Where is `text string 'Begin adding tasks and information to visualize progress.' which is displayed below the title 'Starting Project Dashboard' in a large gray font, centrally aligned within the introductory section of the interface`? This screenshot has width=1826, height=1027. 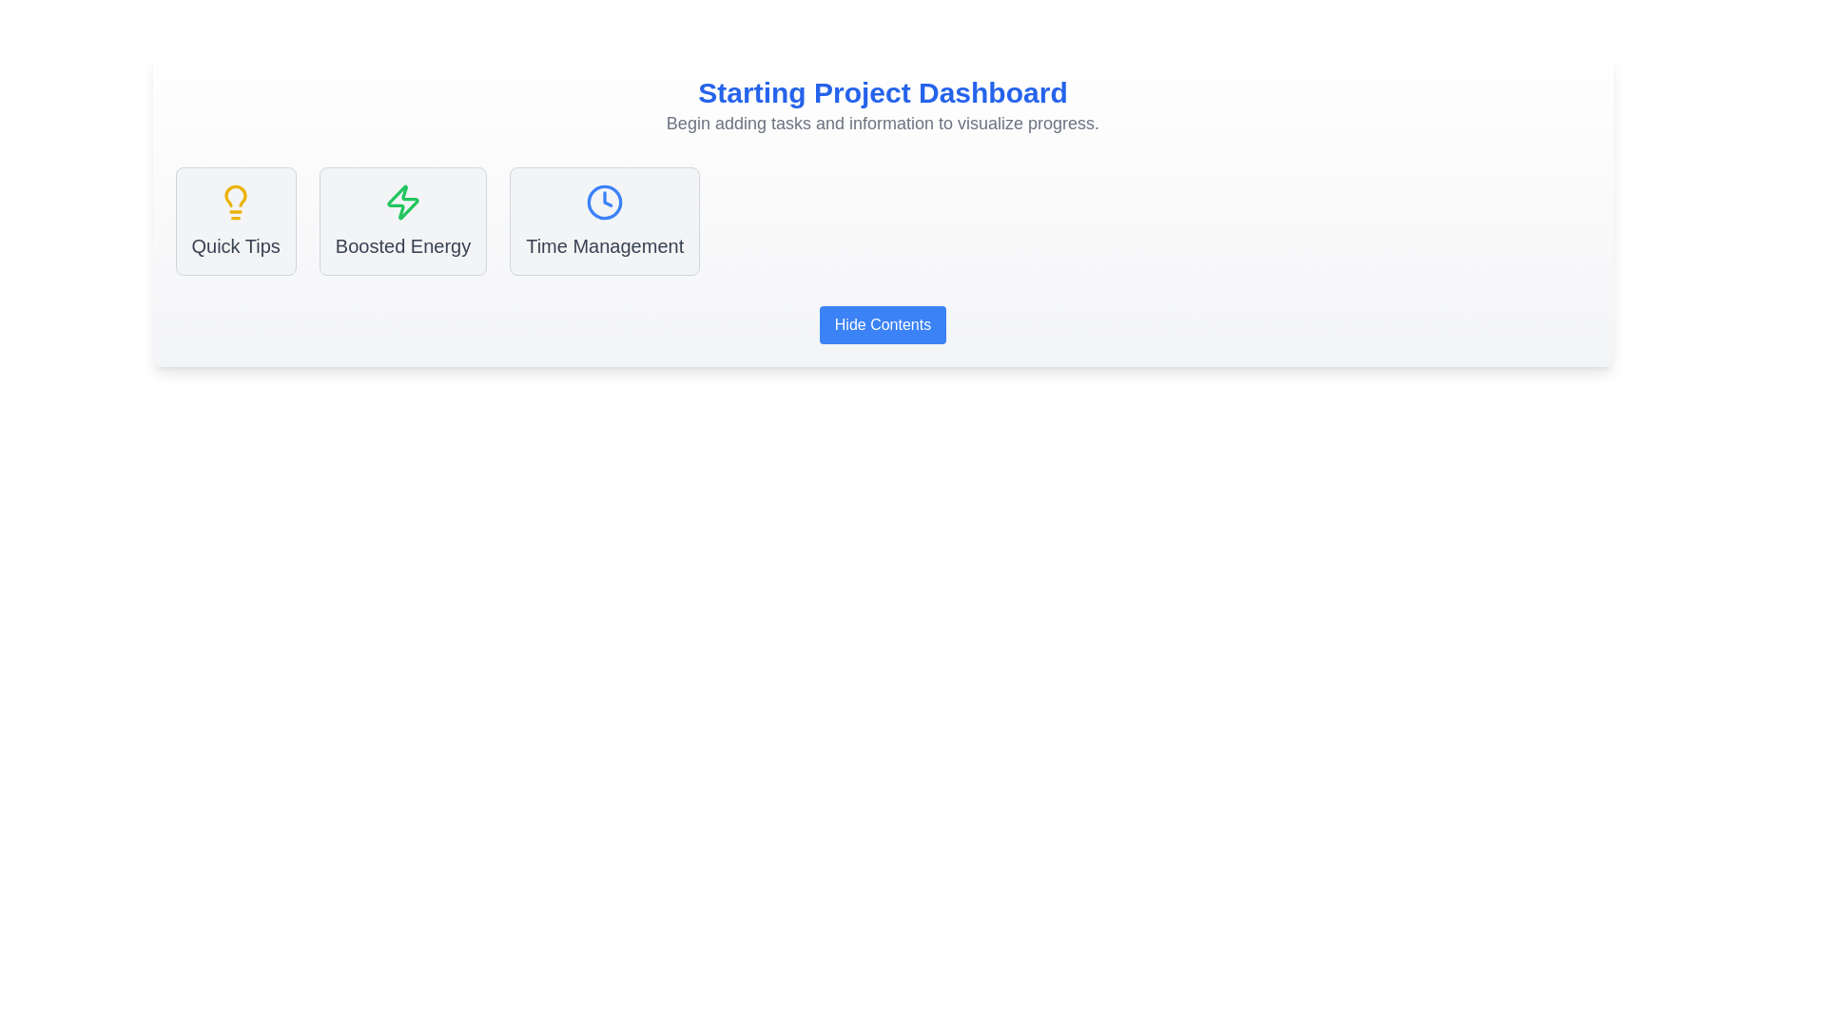
text string 'Begin adding tasks and information to visualize progress.' which is displayed below the title 'Starting Project Dashboard' in a large gray font, centrally aligned within the introductory section of the interface is located at coordinates (882, 124).